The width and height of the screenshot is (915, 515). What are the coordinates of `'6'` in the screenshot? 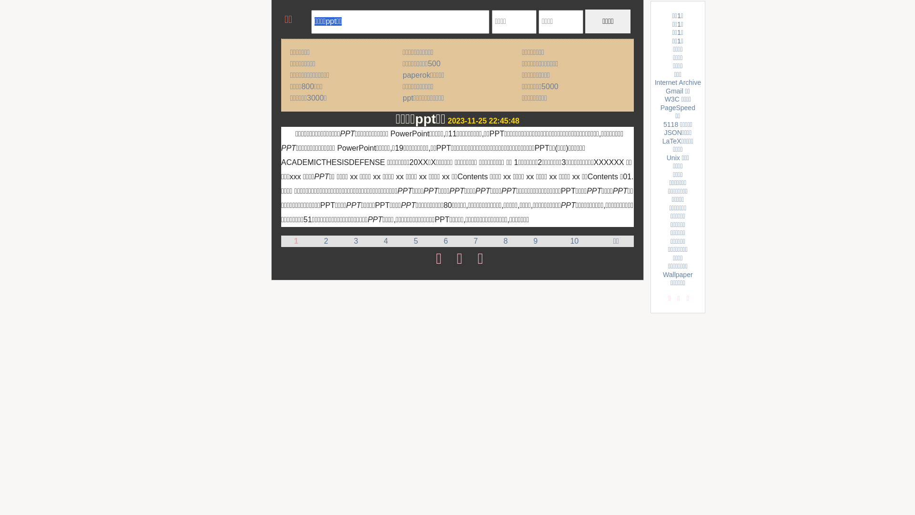 It's located at (445, 240).